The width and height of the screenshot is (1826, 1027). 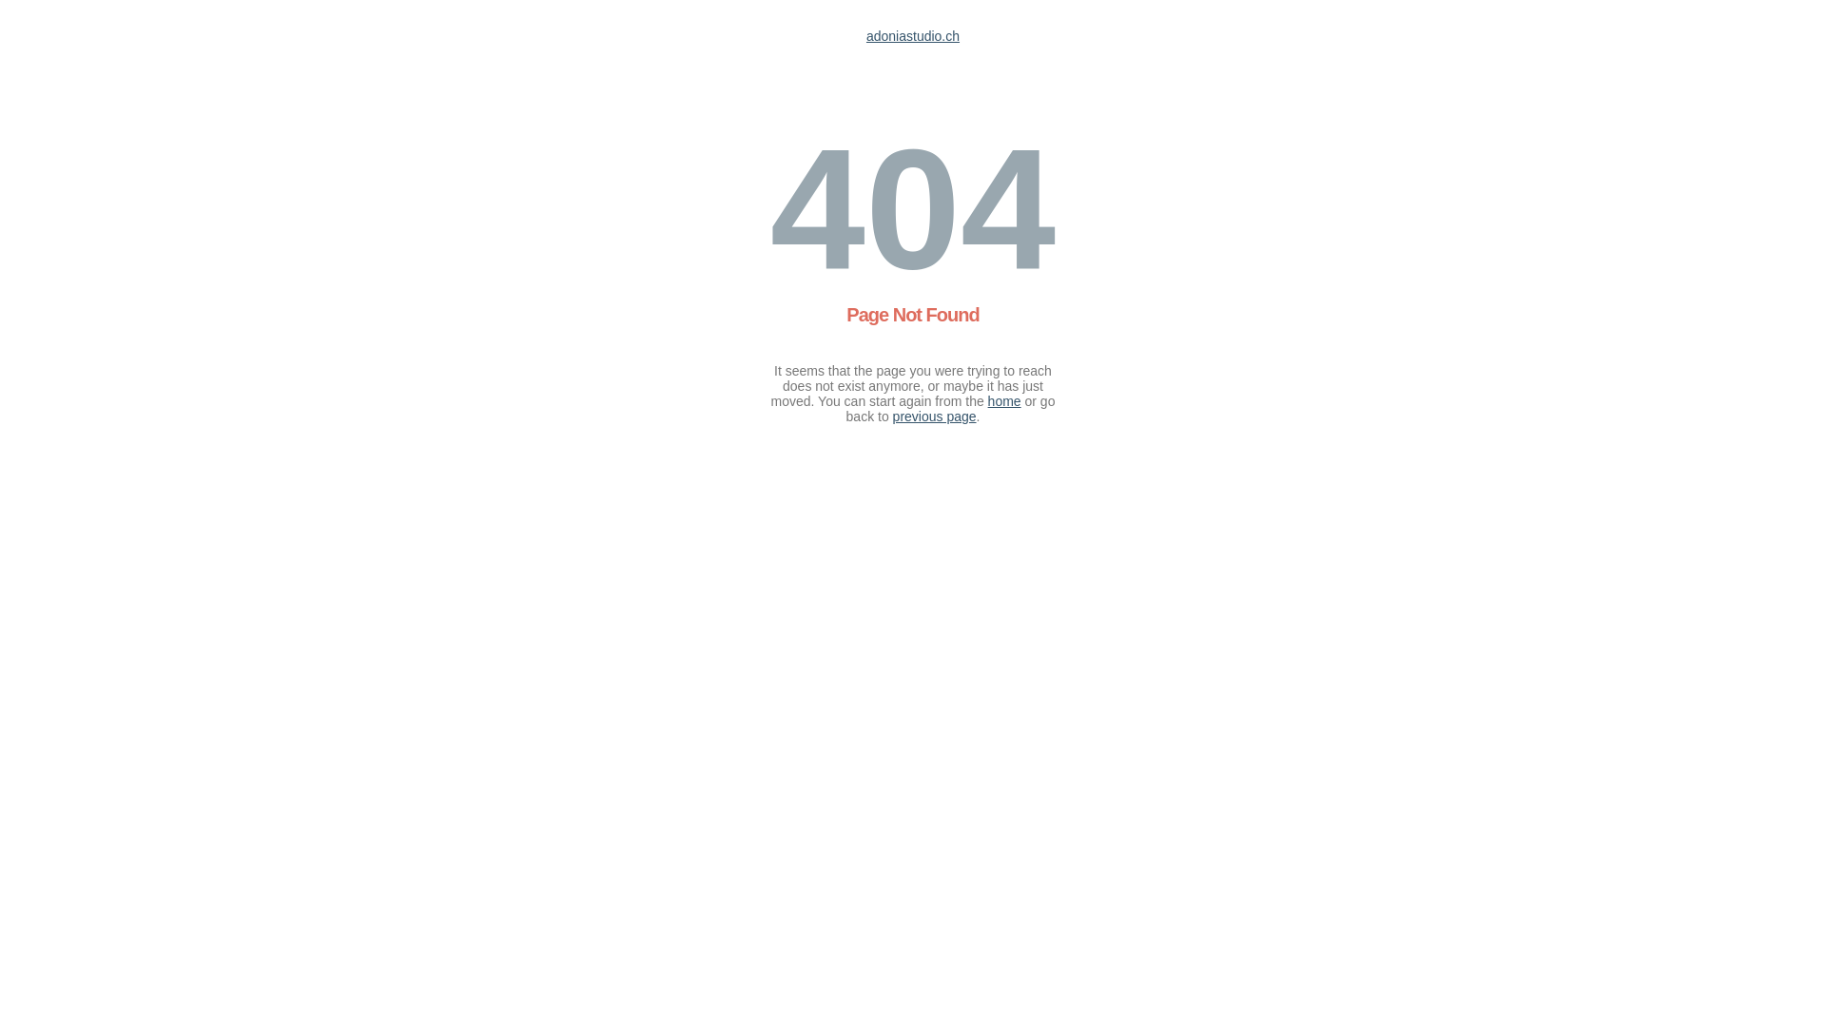 I want to click on 'adoniastudio.ch', so click(x=865, y=36).